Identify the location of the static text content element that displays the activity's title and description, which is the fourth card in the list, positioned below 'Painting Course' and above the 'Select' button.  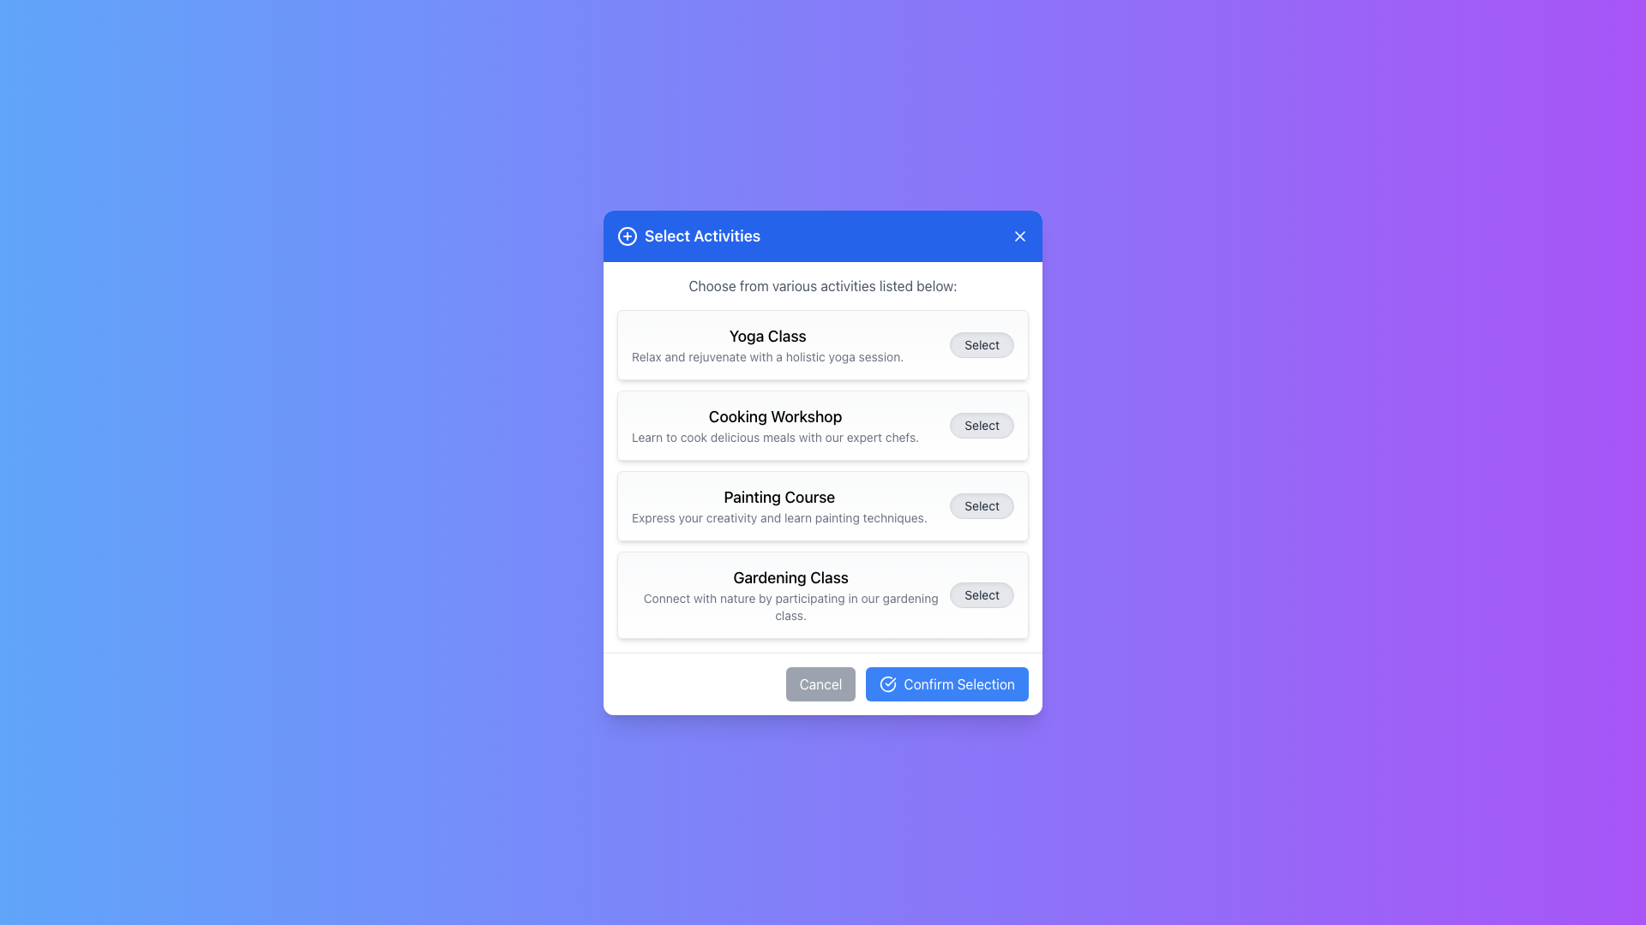
(790, 594).